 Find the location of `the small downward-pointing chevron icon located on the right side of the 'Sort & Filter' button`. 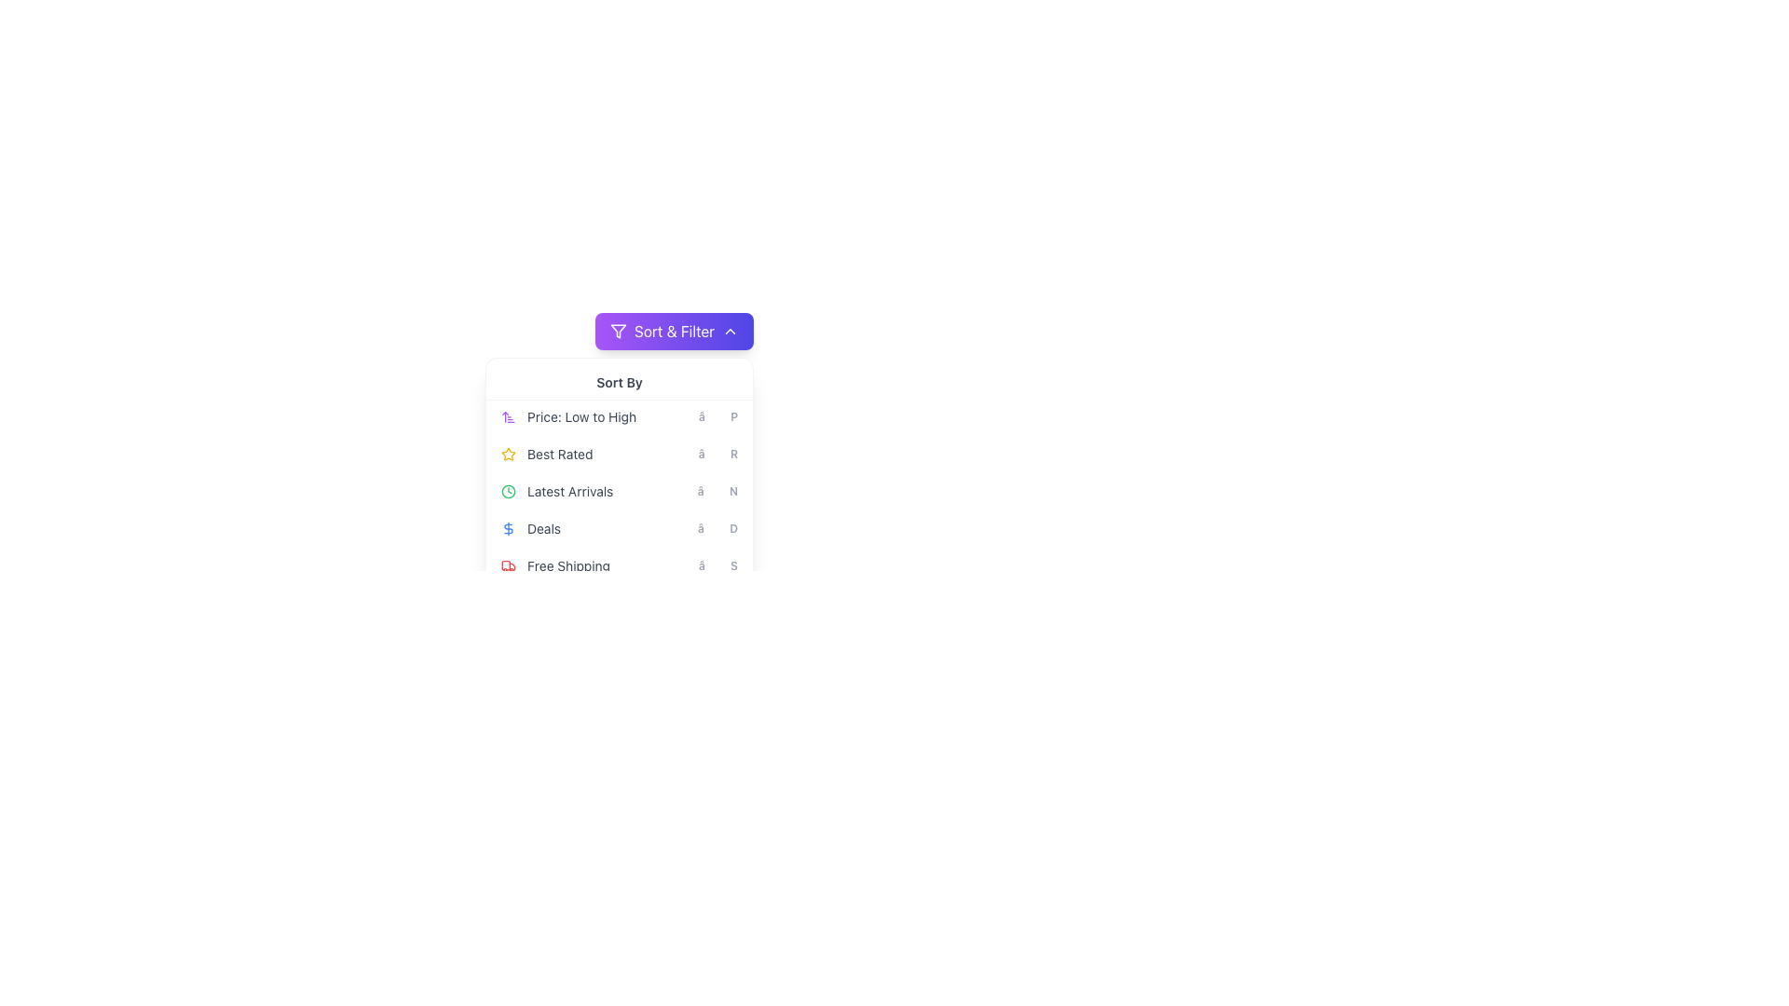

the small downward-pointing chevron icon located on the right side of the 'Sort & Filter' button is located at coordinates (730, 330).